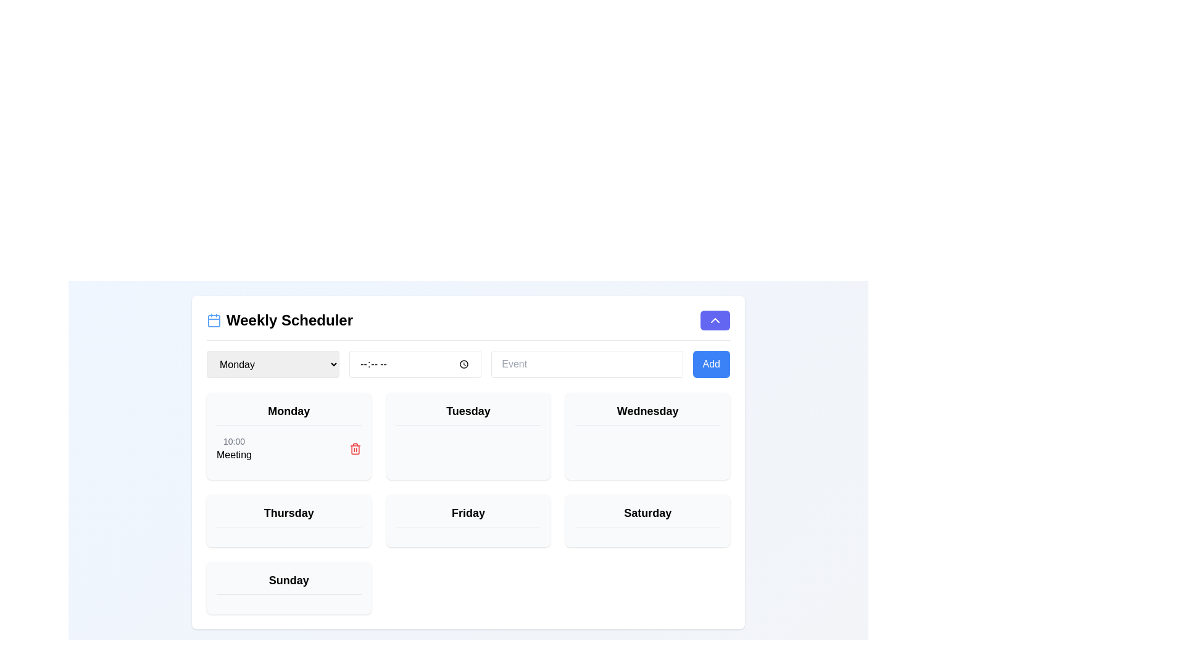  I want to click on an option from the dropdown menu labeled 'Monday' located in the header of the 'Weekly Scheduler' interface, so click(272, 364).